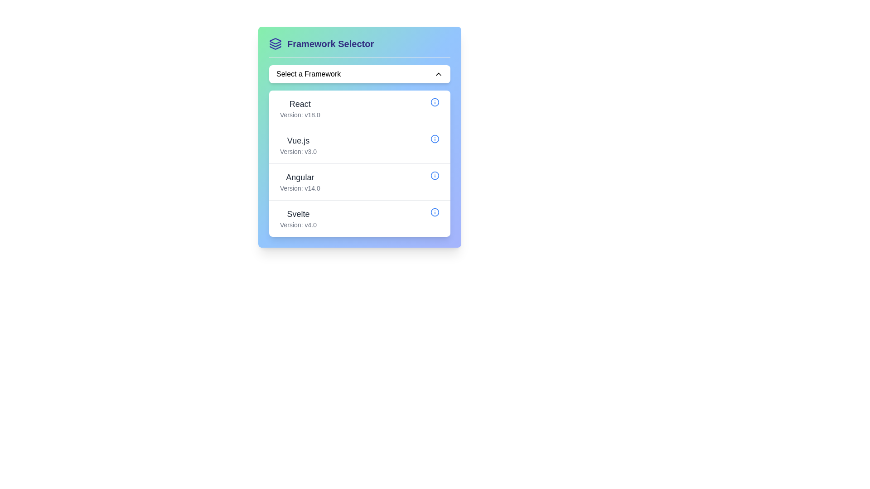 Image resolution: width=870 pixels, height=489 pixels. Describe the element at coordinates (435, 176) in the screenshot. I see `the blue circular outline icon within the third row for the 'Angular' framework selection interface` at that location.